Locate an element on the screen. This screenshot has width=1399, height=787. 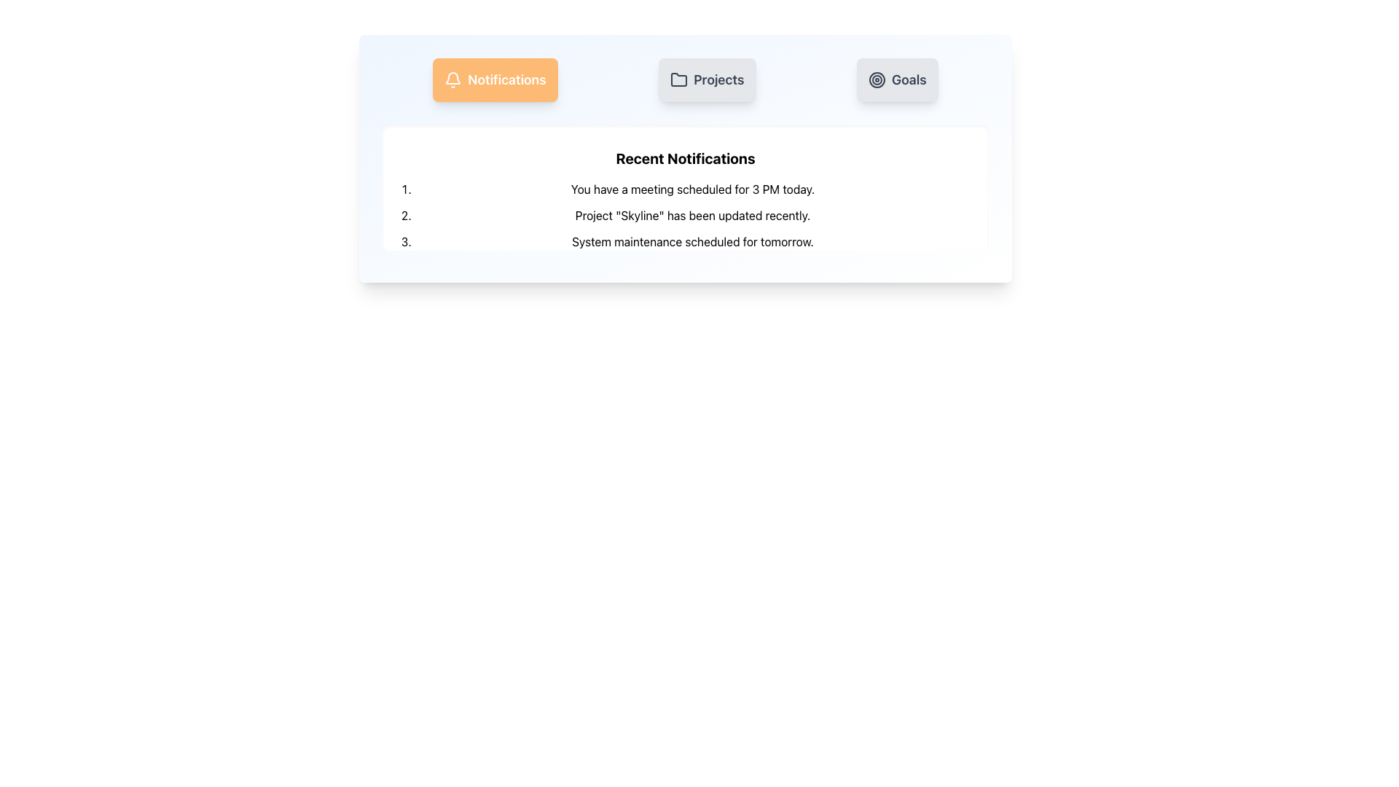
the 'Projects' navigation button, which is the second button in a horizontal row of three, located between the 'Notifications' and 'Goals' buttons, to observe its hover-specific styling effects is located at coordinates (707, 80).